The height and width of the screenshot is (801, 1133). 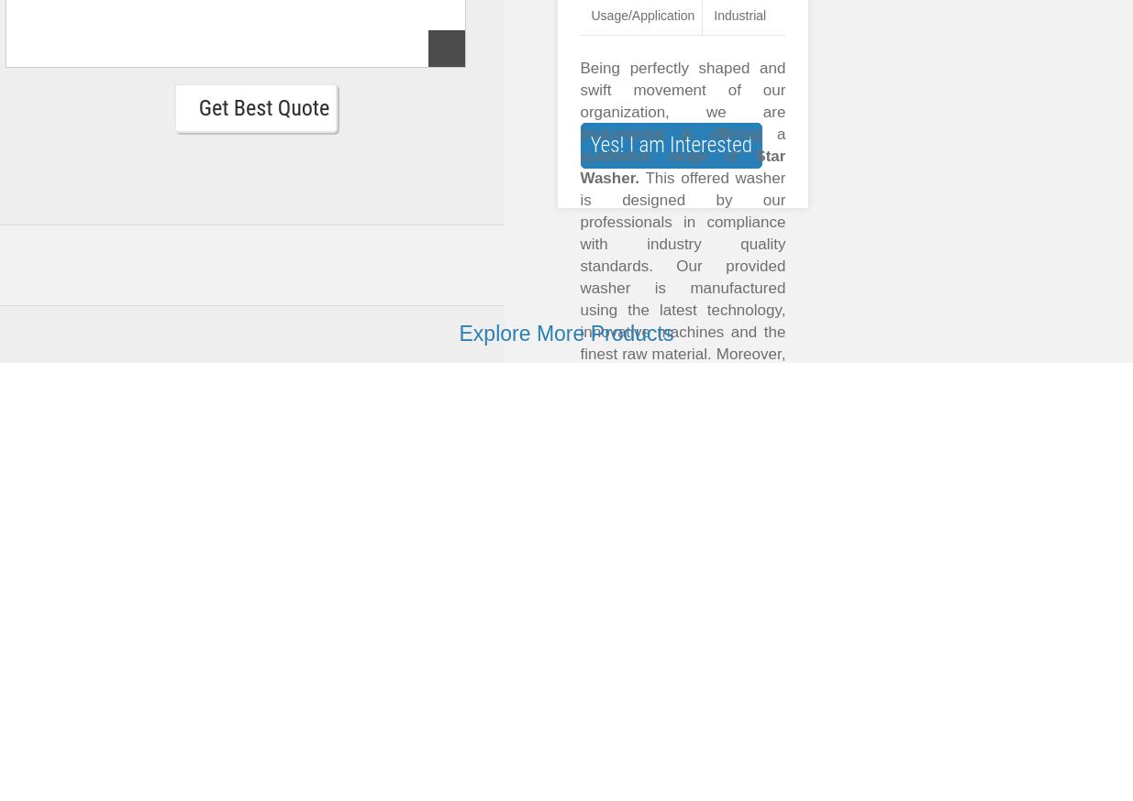 What do you see at coordinates (591, 15) in the screenshot?
I see `'Usage/Application'` at bounding box center [591, 15].